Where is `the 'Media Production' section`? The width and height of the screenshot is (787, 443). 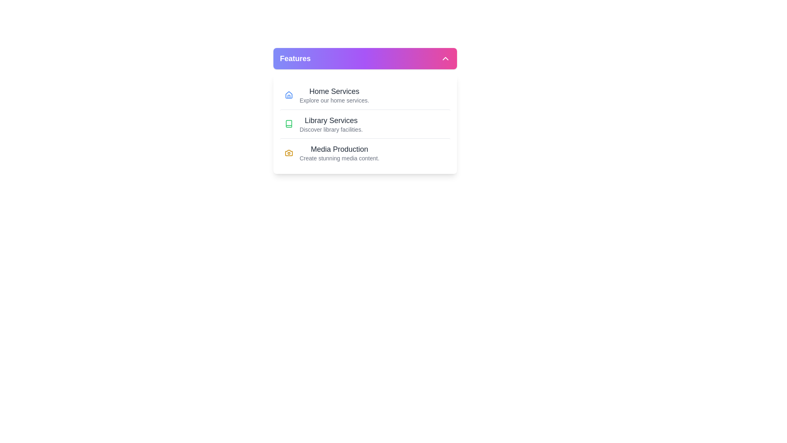 the 'Media Production' section is located at coordinates (365, 152).